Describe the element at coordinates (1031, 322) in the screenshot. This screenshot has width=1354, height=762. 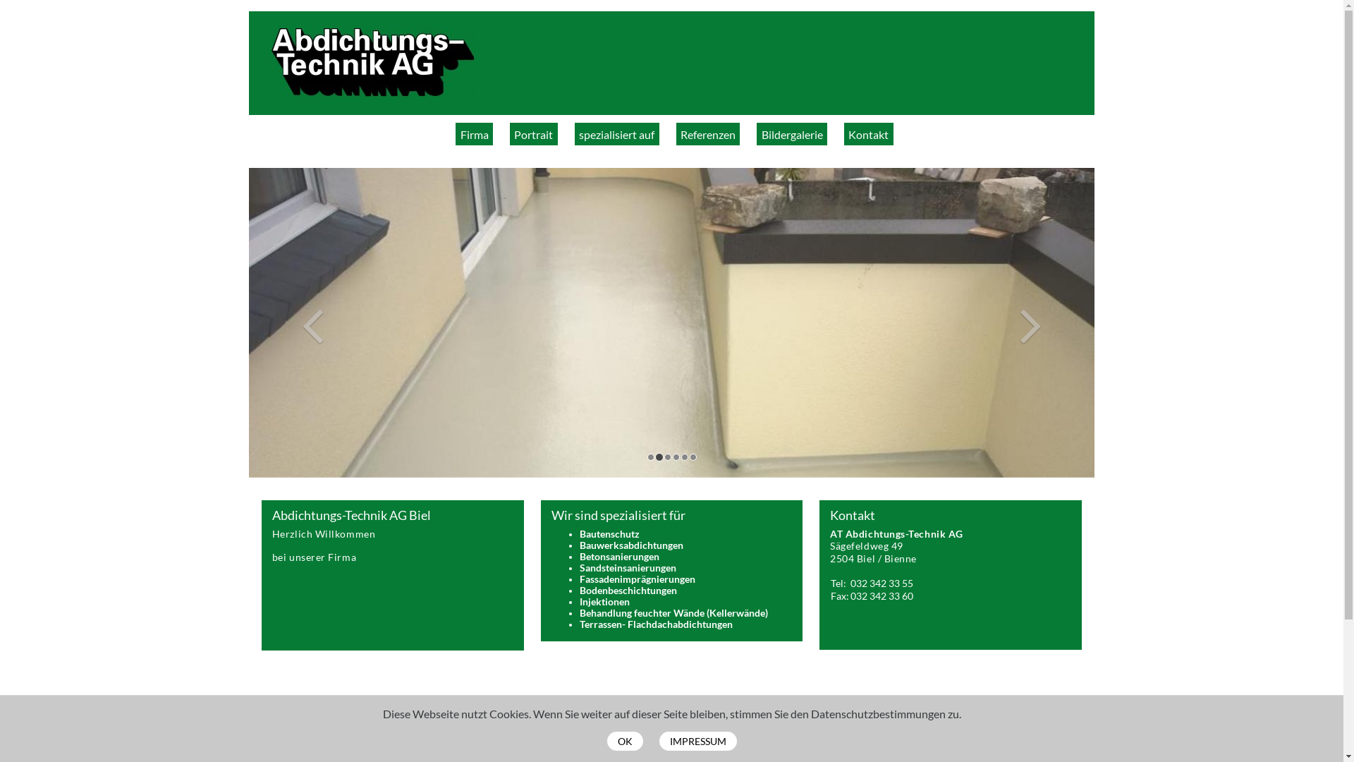
I see `'Next'` at that location.